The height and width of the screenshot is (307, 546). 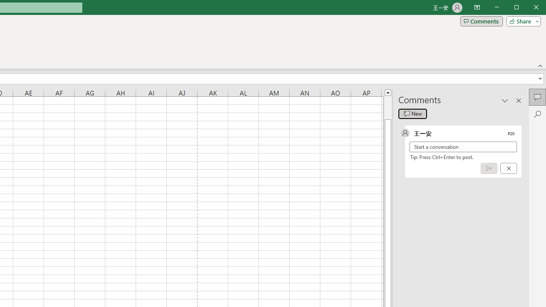 I want to click on 'Cancel', so click(x=508, y=168).